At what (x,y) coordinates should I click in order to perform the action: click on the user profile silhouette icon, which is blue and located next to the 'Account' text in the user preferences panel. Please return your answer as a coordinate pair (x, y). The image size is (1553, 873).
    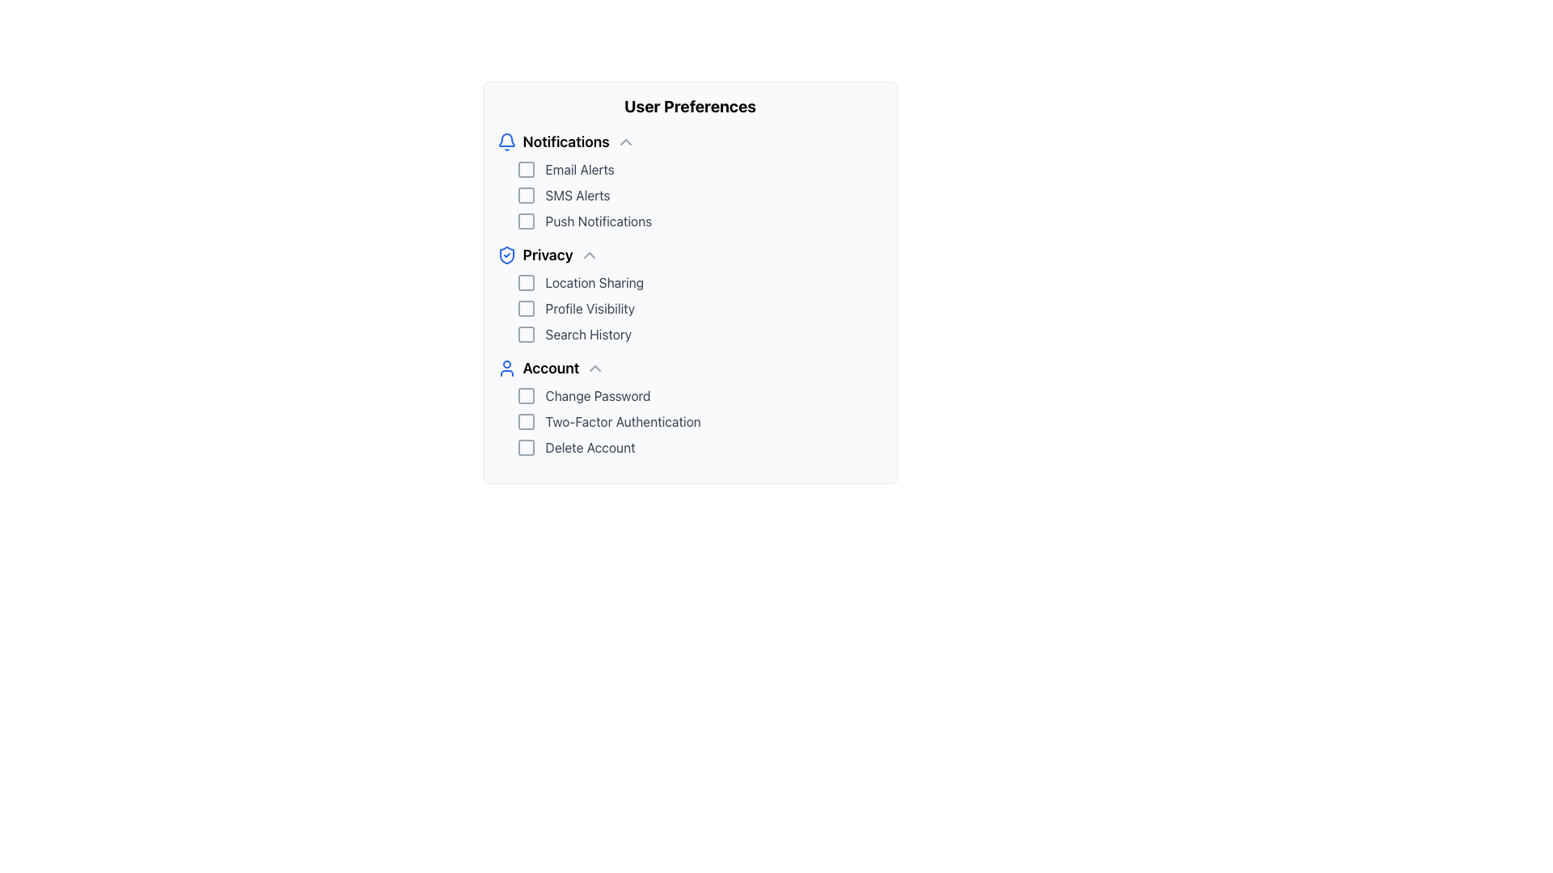
    Looking at the image, I should click on (506, 368).